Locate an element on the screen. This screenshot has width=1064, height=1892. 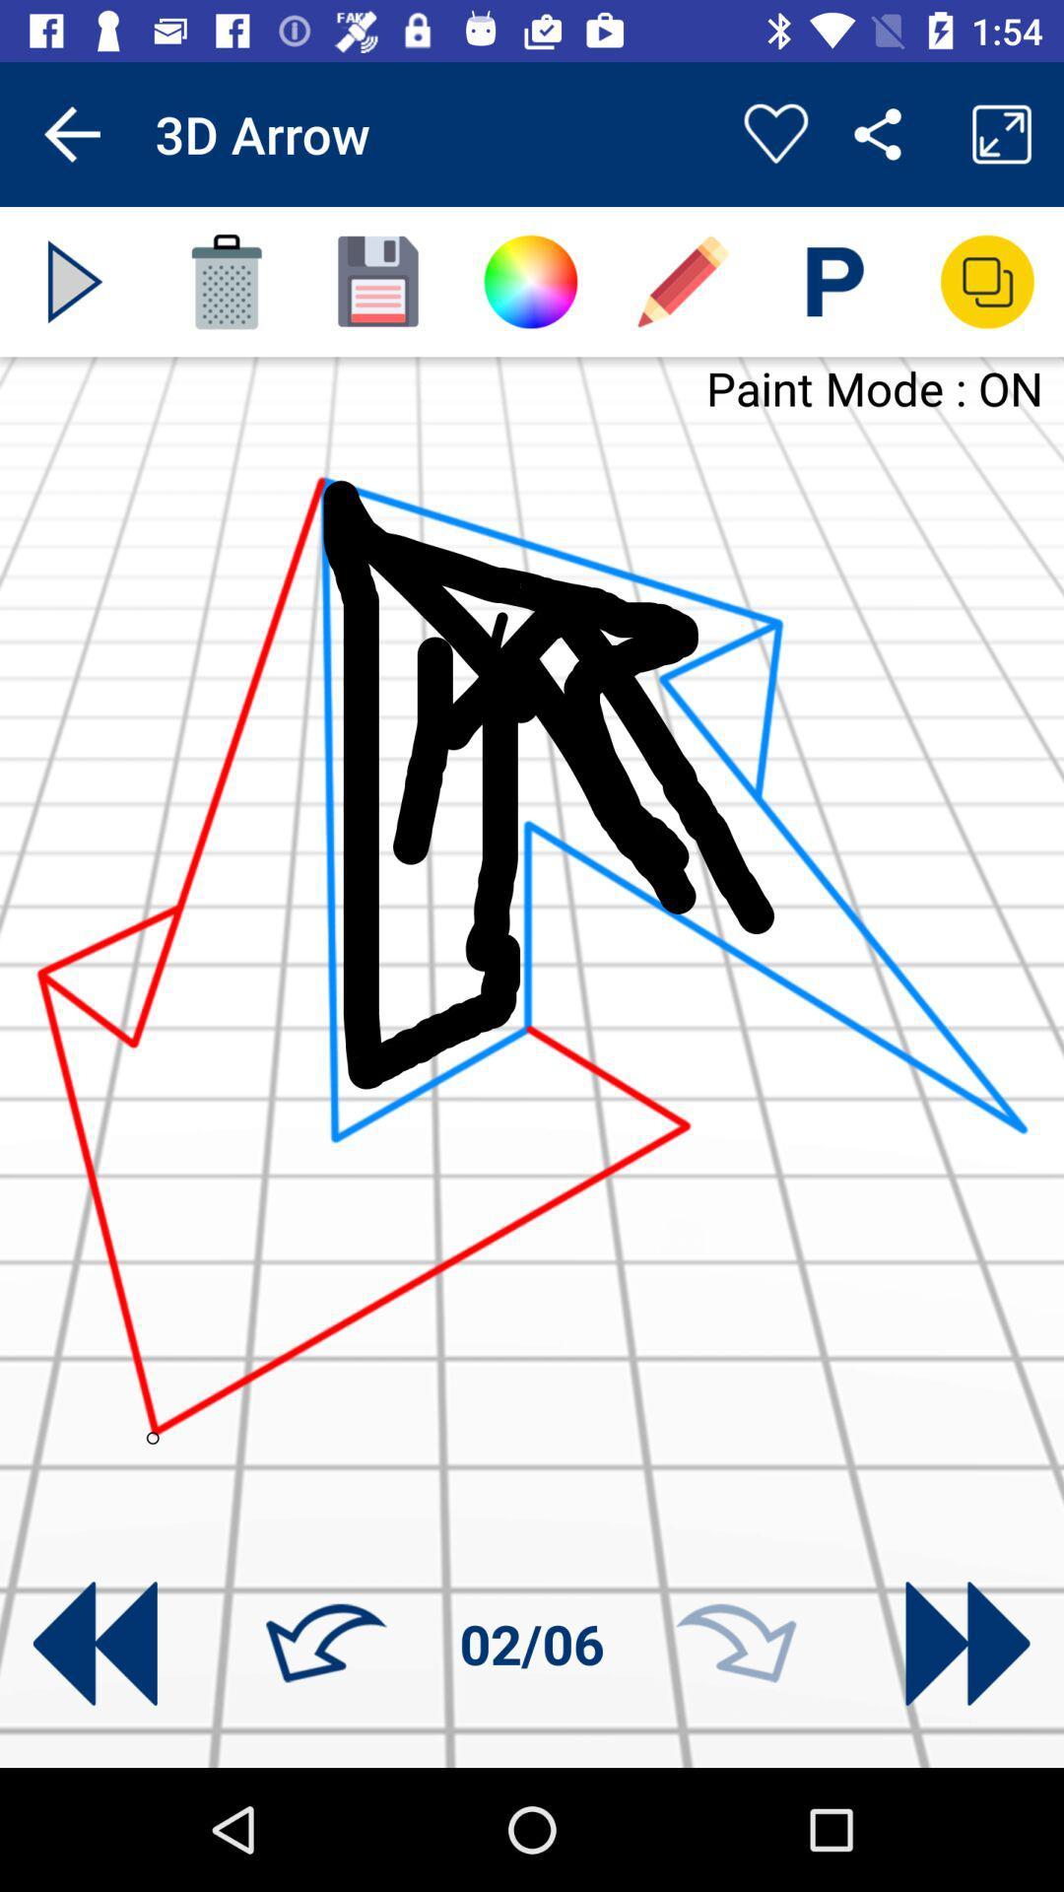
because back devicer is located at coordinates (74, 281).